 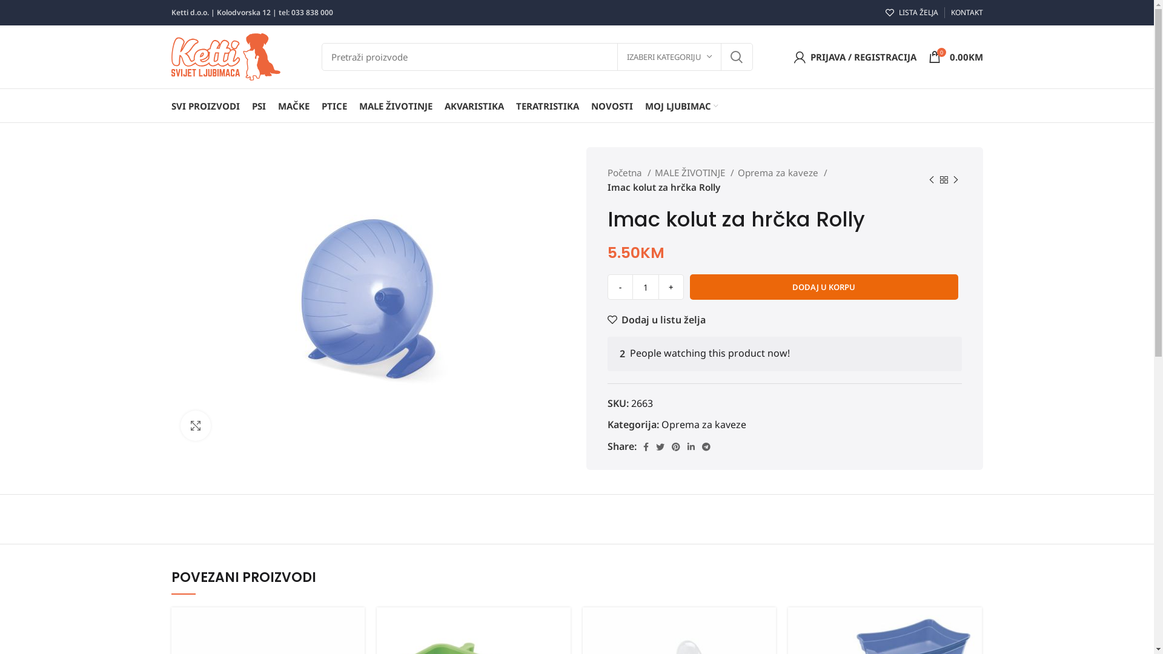 I want to click on '0, so click(x=955, y=56).